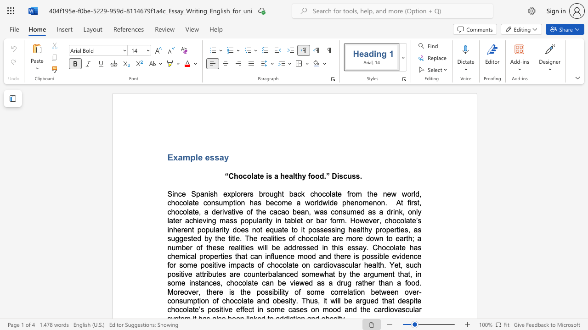 This screenshot has height=330, width=588. Describe the element at coordinates (396, 256) in the screenshot. I see `the subset text "vi" within the text "possible evidence"` at that location.